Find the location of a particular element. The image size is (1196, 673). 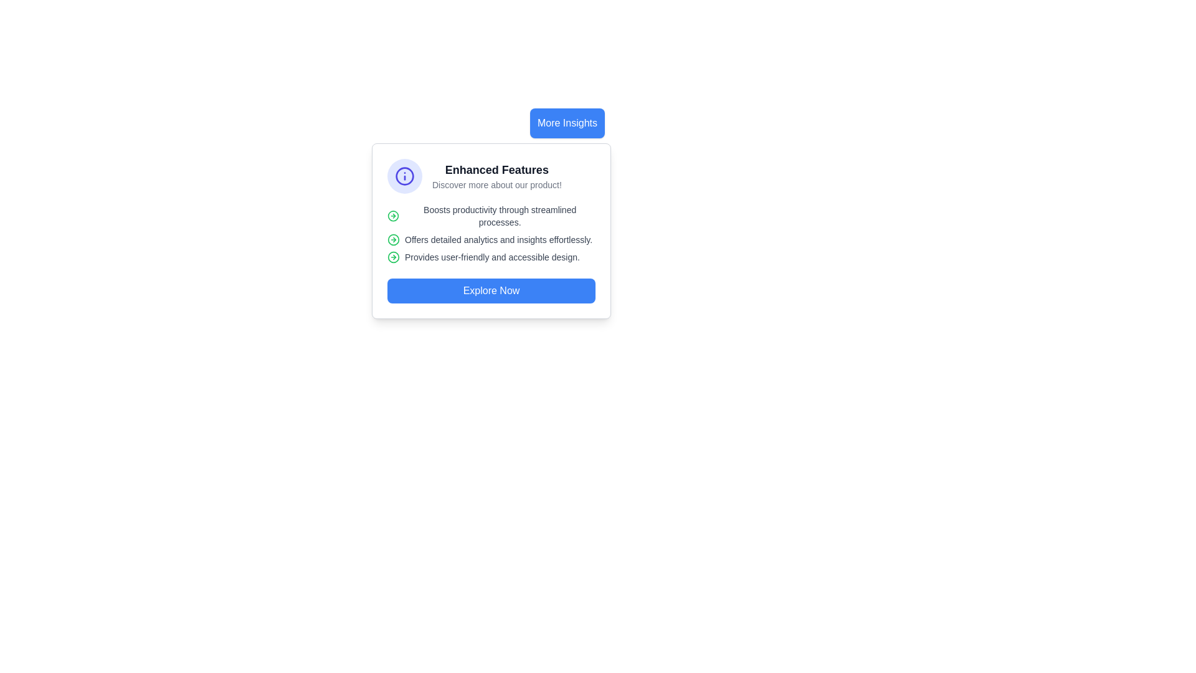

the circular outline of the information icon located at the top-left corner of the 'Enhanced Features' card widget is located at coordinates (404, 176).